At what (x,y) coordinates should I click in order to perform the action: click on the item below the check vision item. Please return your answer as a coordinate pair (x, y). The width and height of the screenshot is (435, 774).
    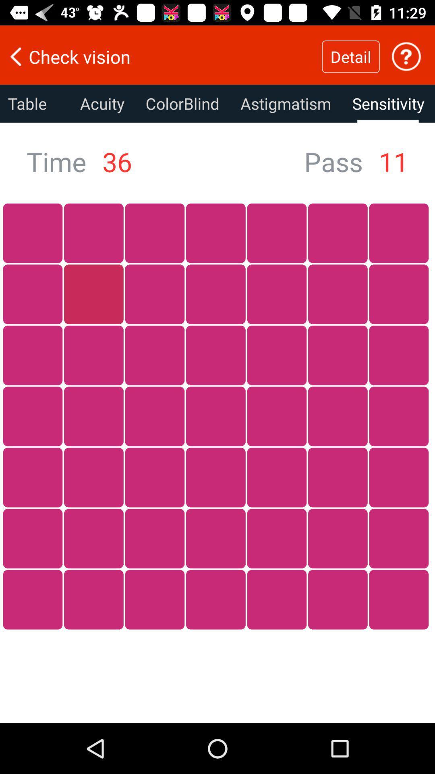
    Looking at the image, I should click on (34, 103).